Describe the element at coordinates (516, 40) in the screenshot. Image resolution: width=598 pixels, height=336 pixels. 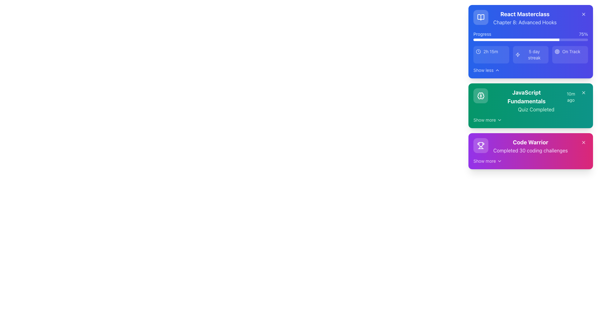
I see `visual representation of the progress indicator showing 75% completion in the 'React Masterclass' progress bar located in the upper right card` at that location.